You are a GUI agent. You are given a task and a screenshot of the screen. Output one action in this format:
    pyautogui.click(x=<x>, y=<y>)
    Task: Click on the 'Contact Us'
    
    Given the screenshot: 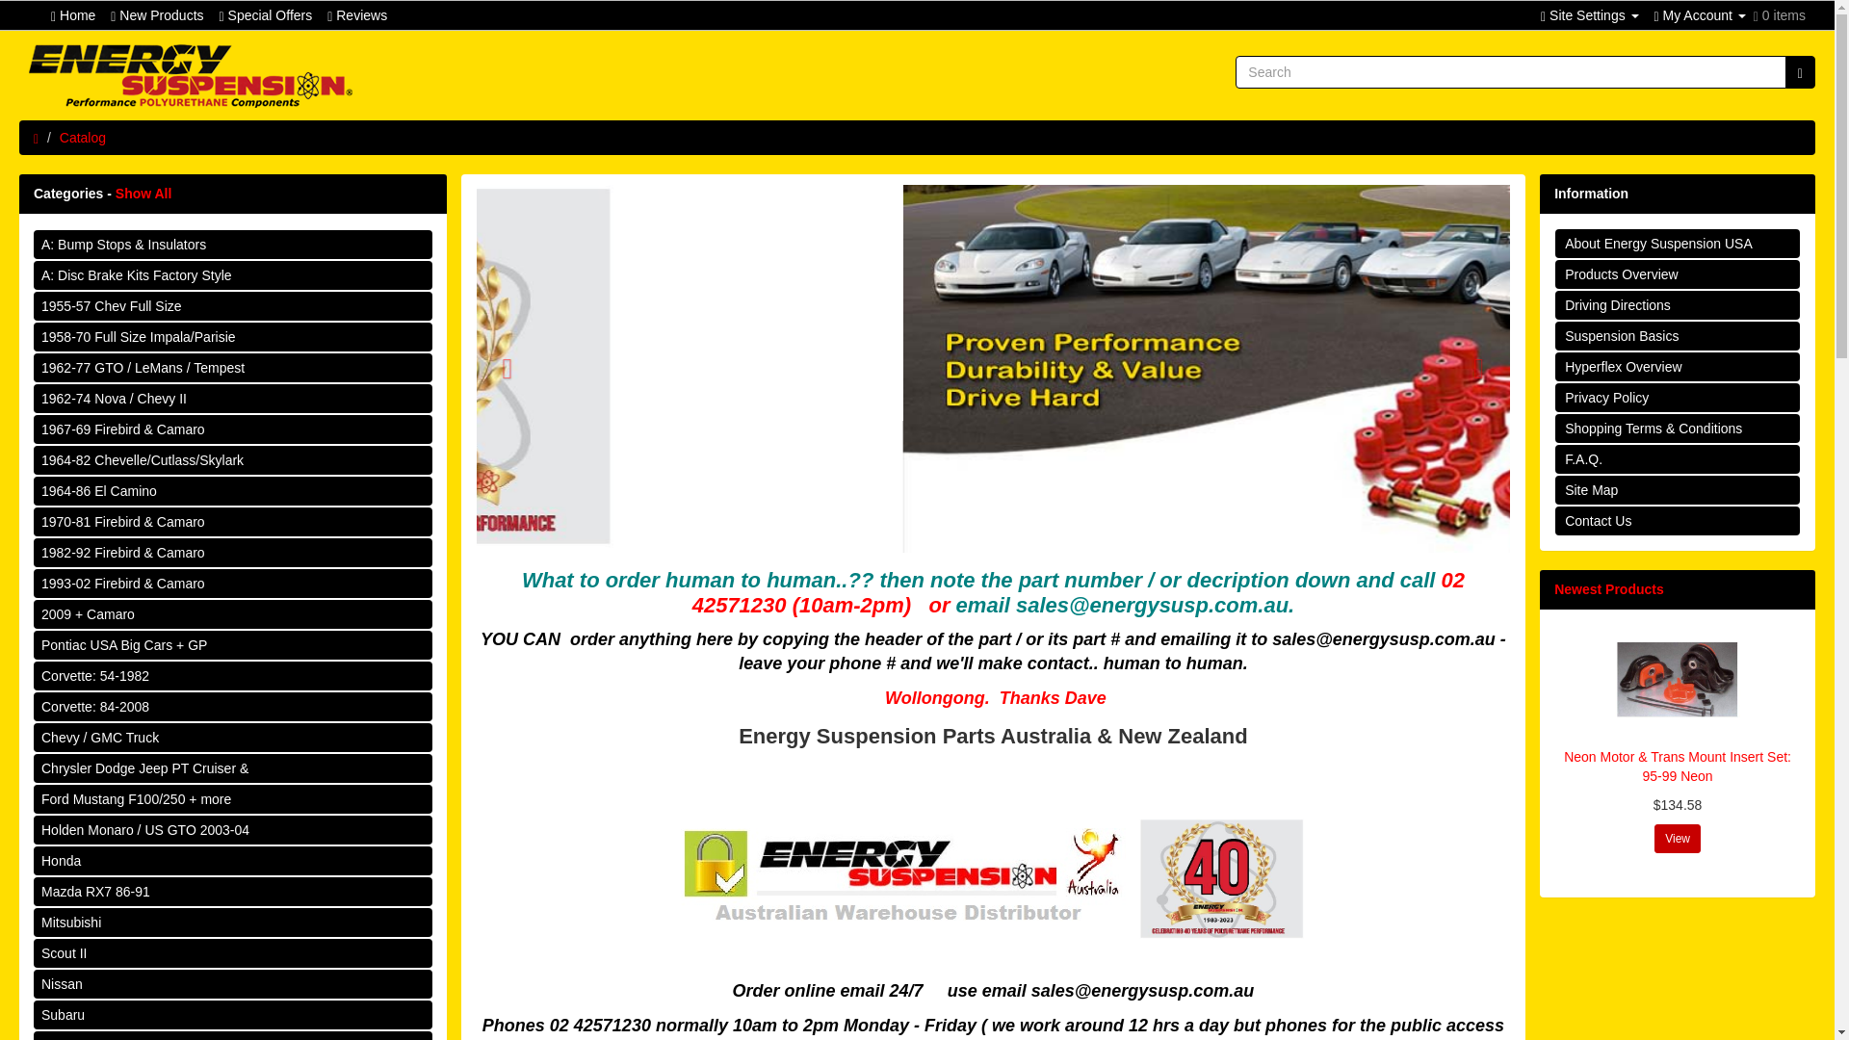 What is the action you would take?
    pyautogui.click(x=1677, y=520)
    